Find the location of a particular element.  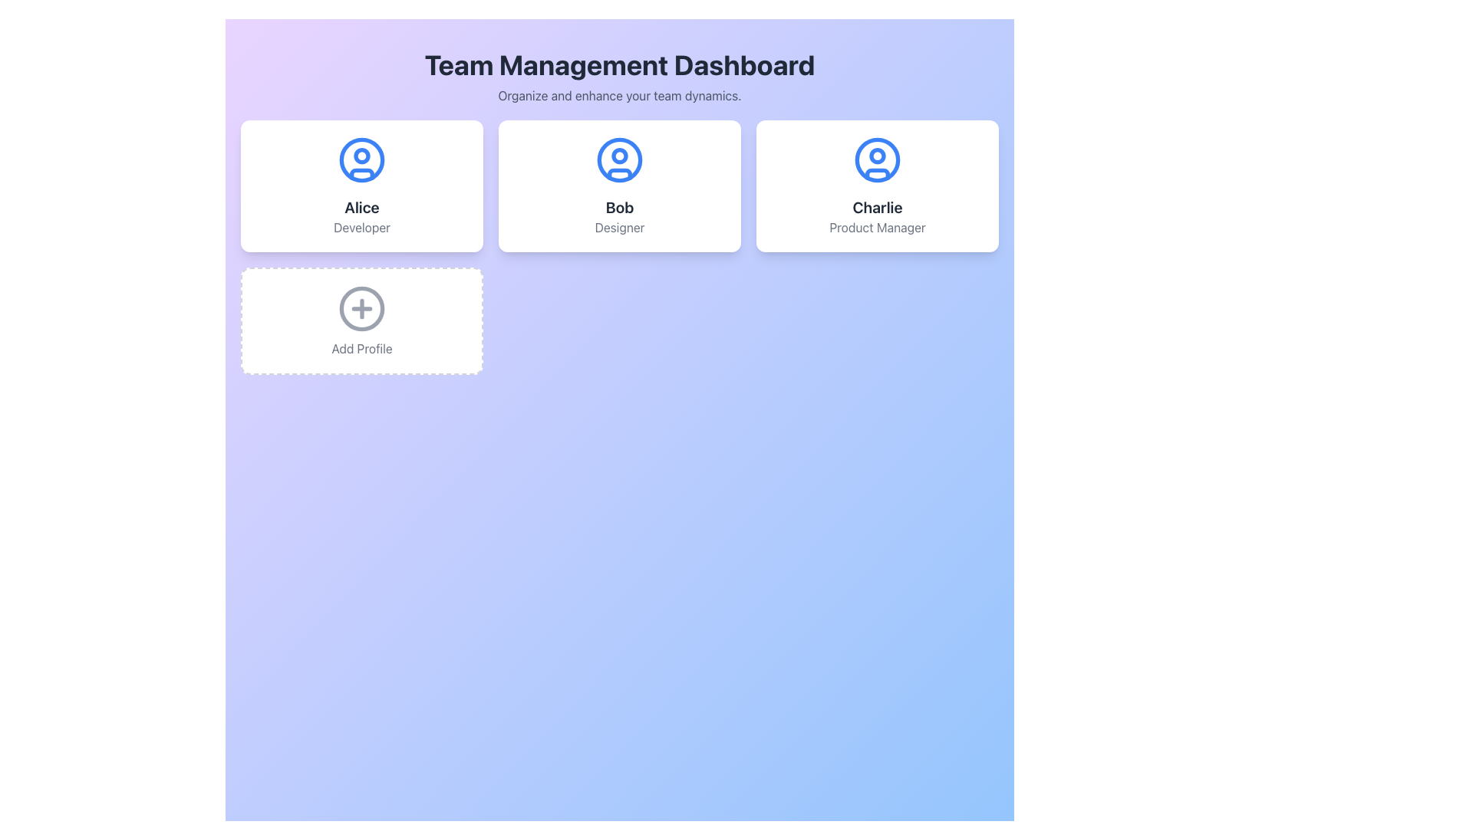

properties of the SVG circle that represents the profile picture icon for the user 'Bob', located in the second profile card from the left in the top row of the dashboard interface is located at coordinates (619, 159).